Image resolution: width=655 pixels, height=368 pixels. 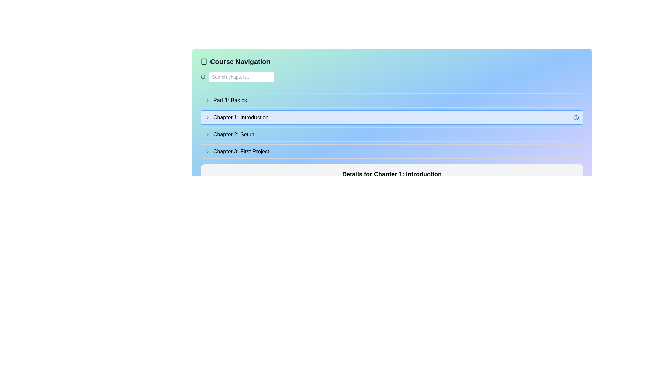 I want to click on the textual link 'Chapter 3: First Project' which is accompanied by an arrow icon, so click(x=237, y=151).